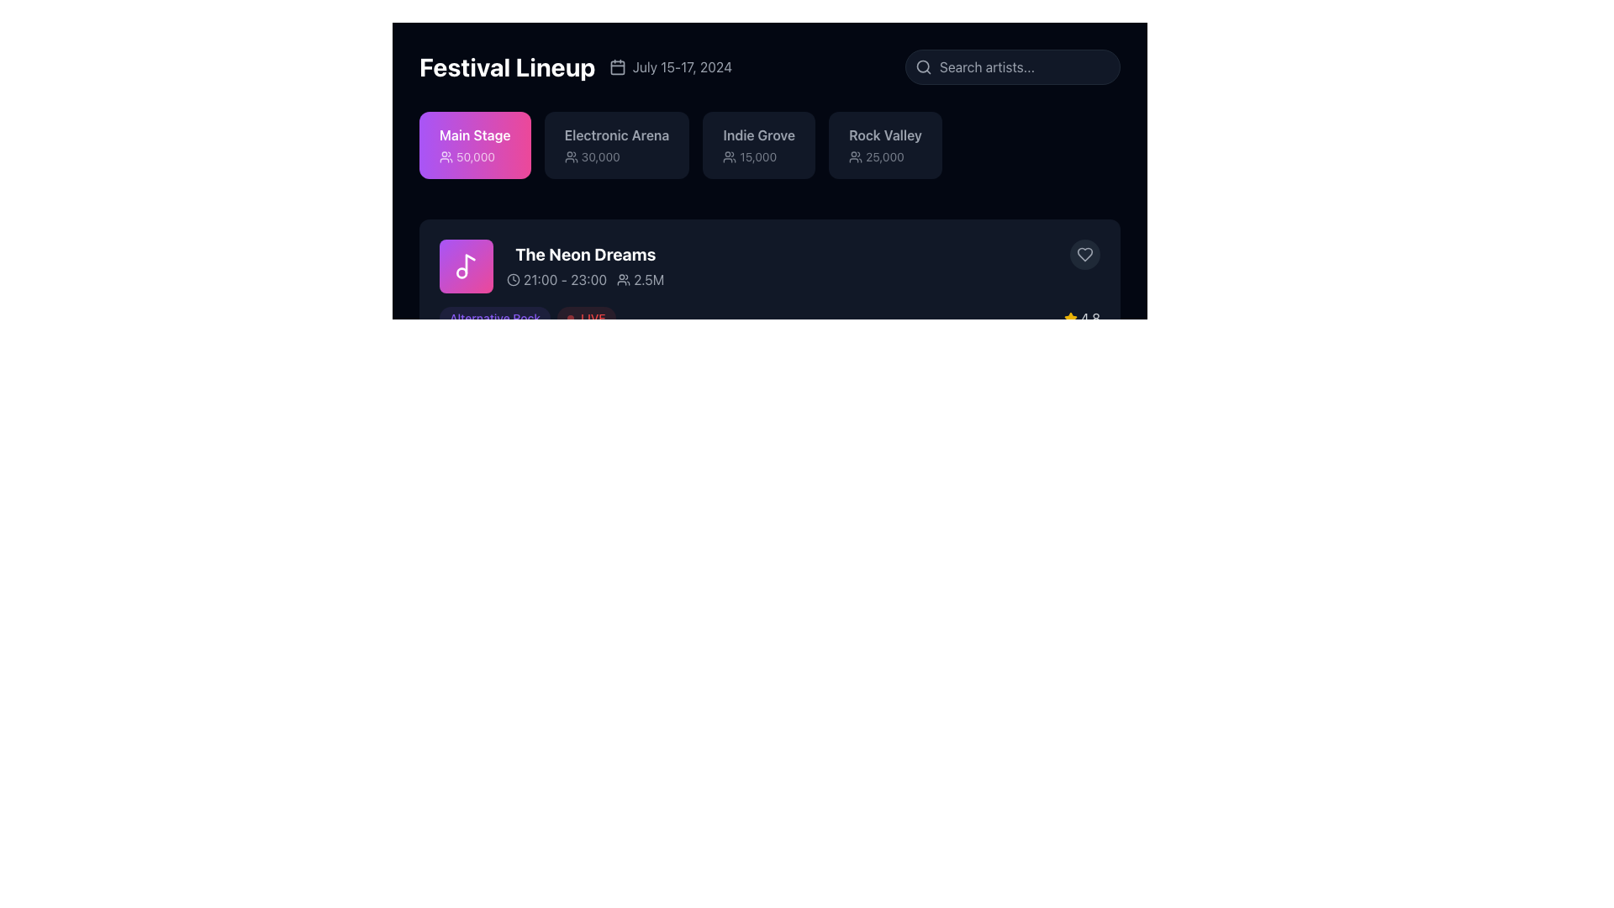  What do you see at coordinates (883, 156) in the screenshot?
I see `the text element representing the audience size or capacity related to the 'Rock Valley' category, located in the fourth block at the top-right of the main display` at bounding box center [883, 156].